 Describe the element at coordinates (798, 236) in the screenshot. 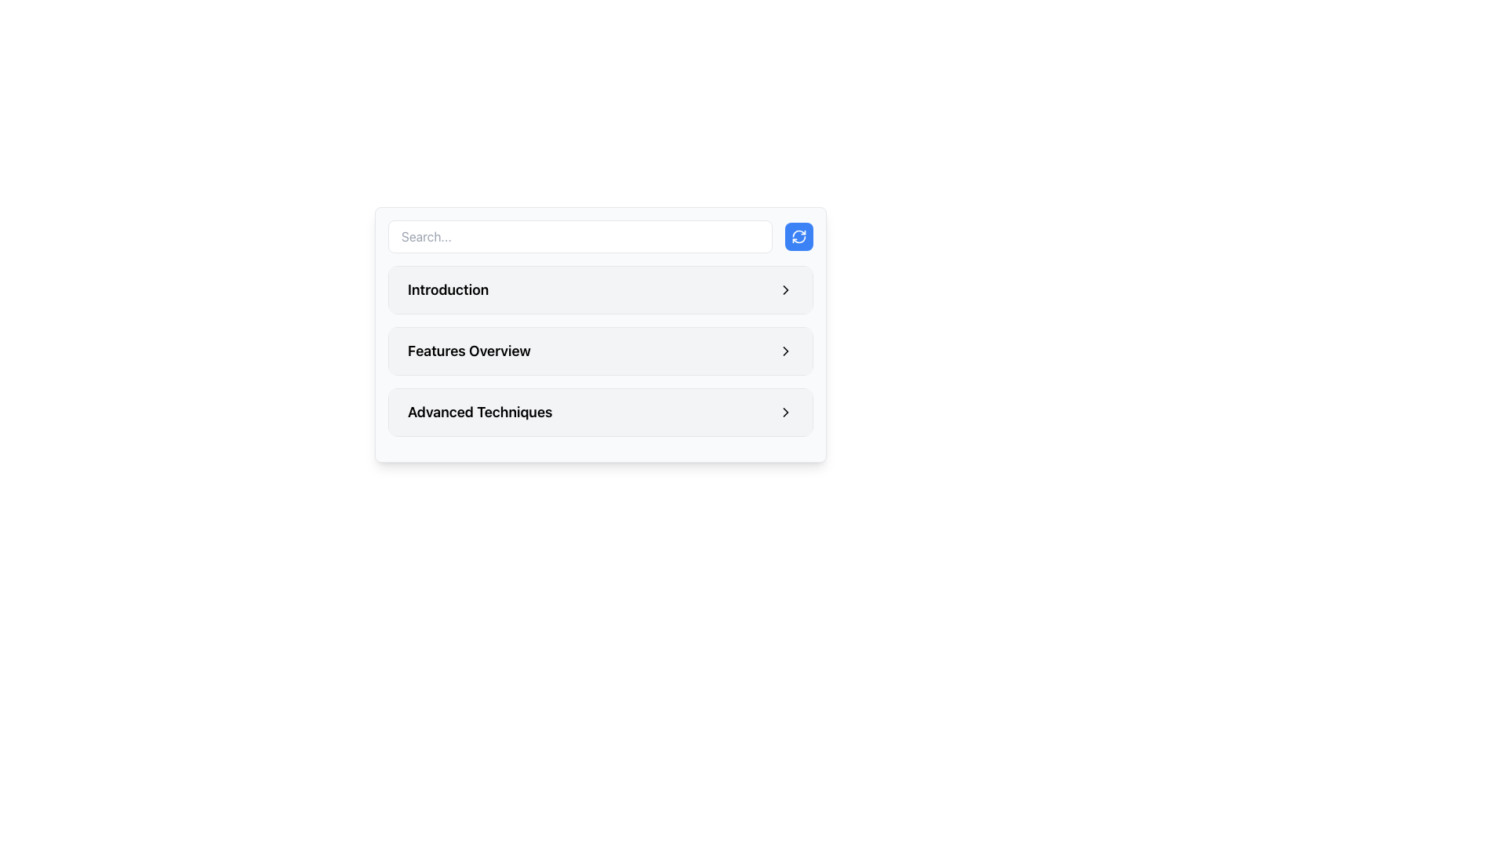

I see `the refresh button, which is an icon resembling two arrows forming a circular shape, located within a blue button to the right of the search bar at the top of the panel` at that location.